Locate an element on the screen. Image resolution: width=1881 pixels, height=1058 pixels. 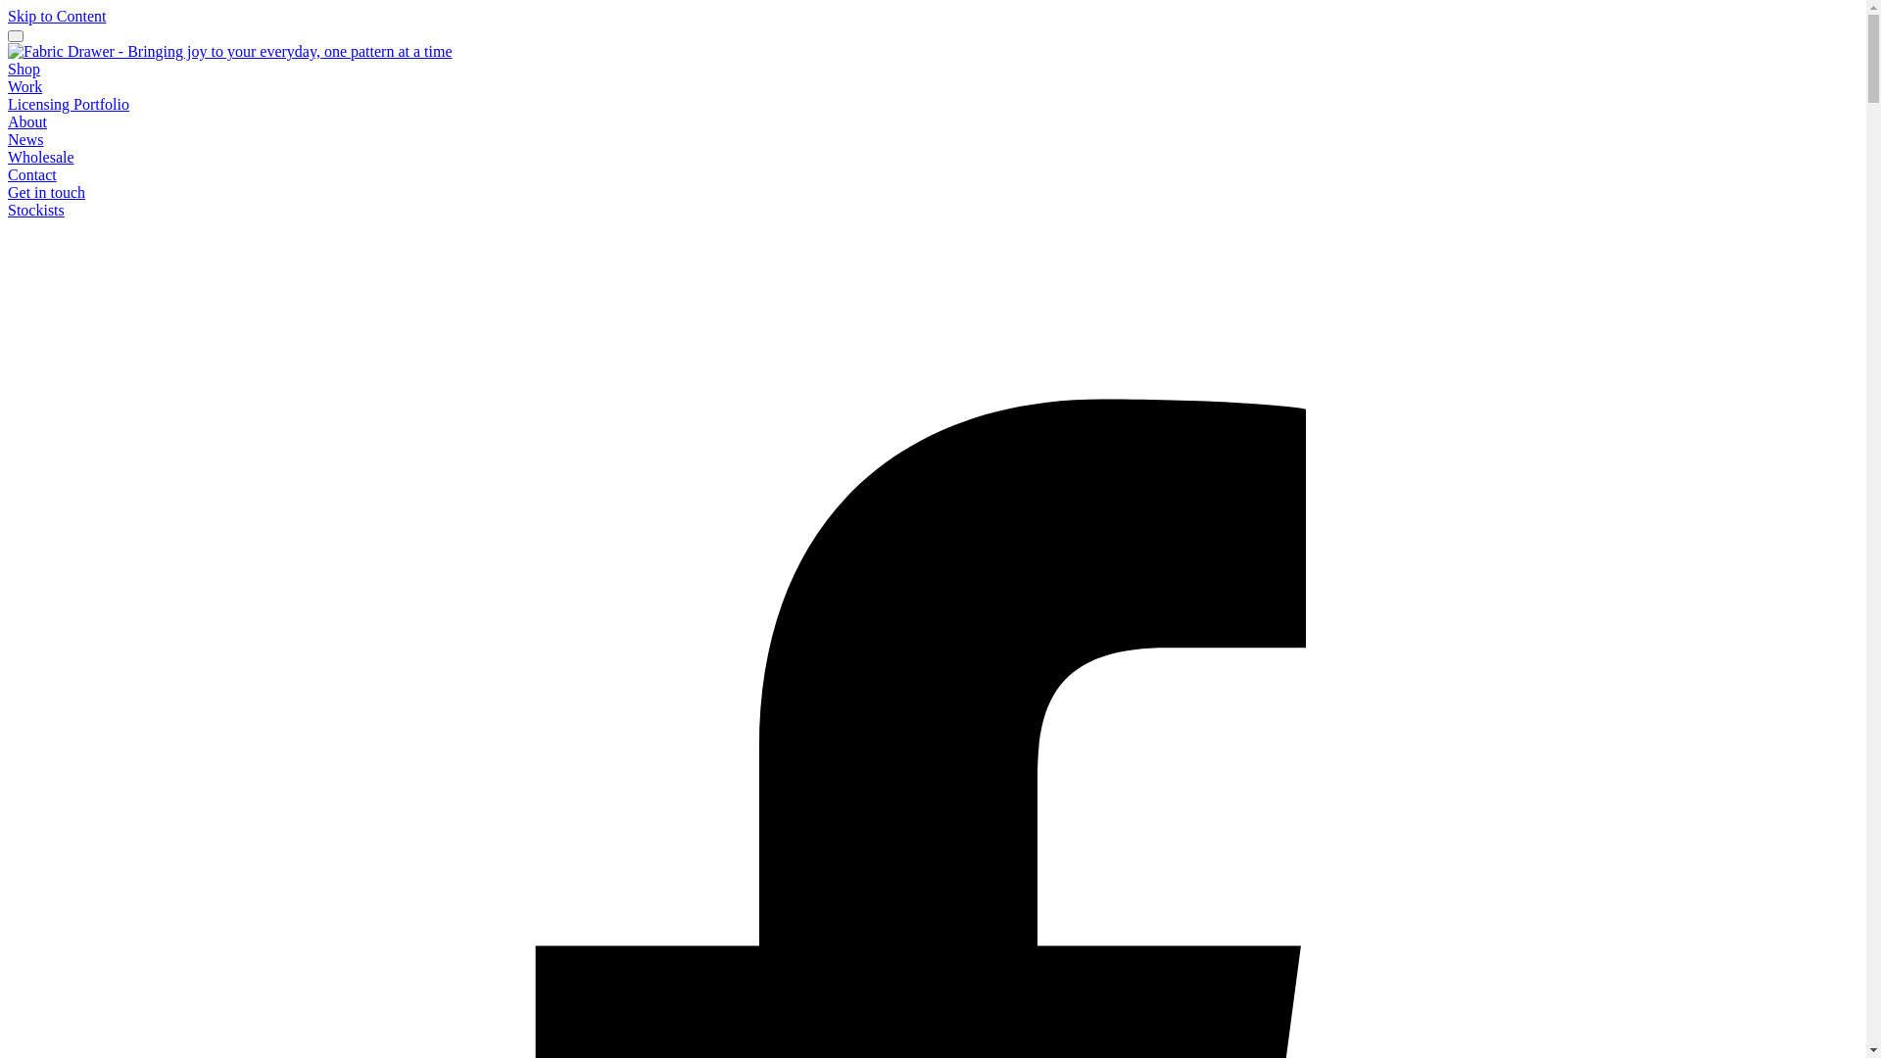
'About' is located at coordinates (27, 121).